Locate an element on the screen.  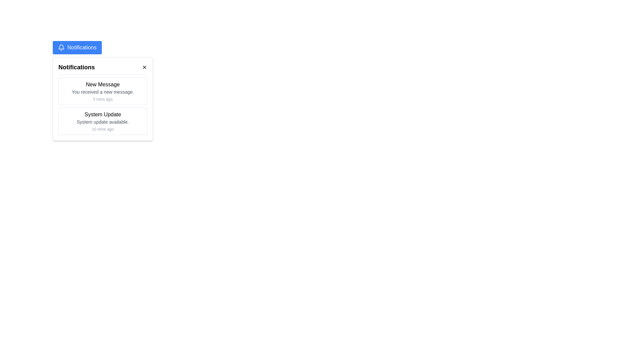
the text label reading 'Notifications', which is styled in bold black font against a white background, located at the top-left of the notification pop-up is located at coordinates (76, 67).